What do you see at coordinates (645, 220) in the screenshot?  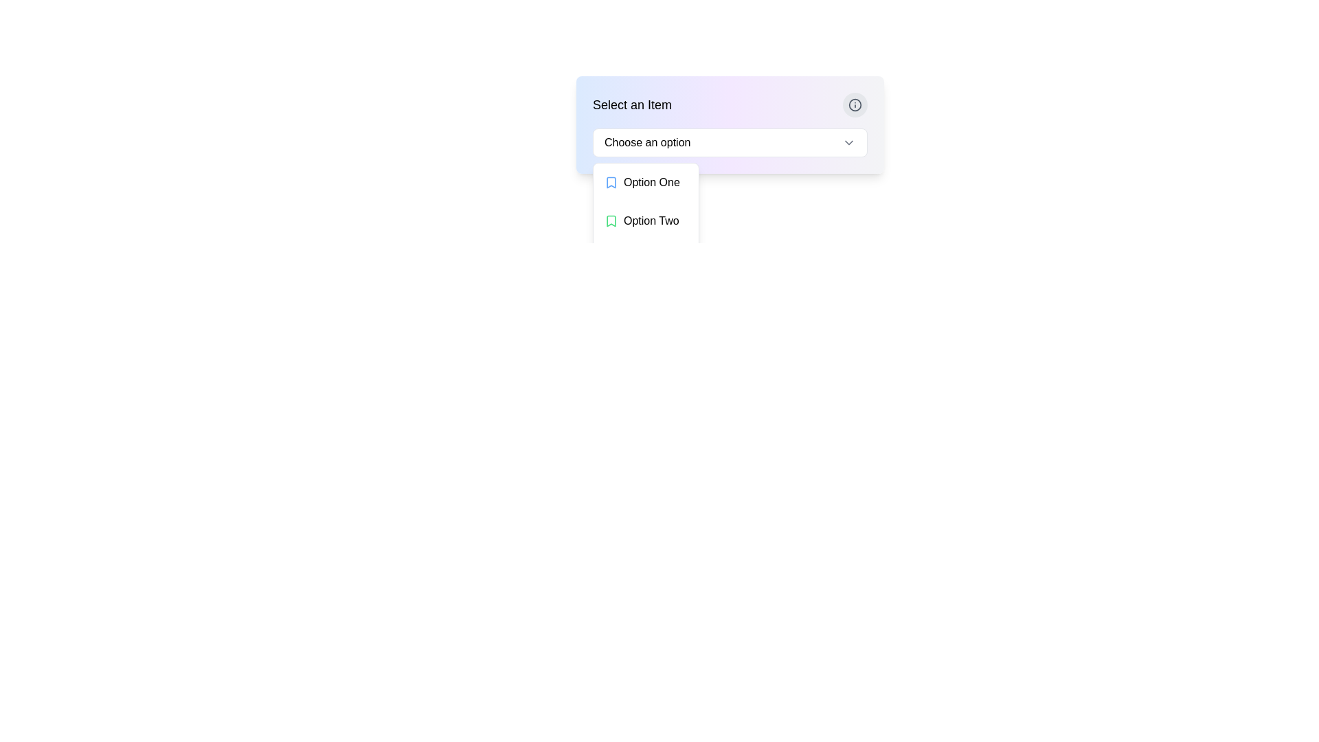 I see `the 'Option Two' dropdown option, which is the second selectable option in the dropdown menu, identified by its green bookmark-shaped icon and black text` at bounding box center [645, 220].